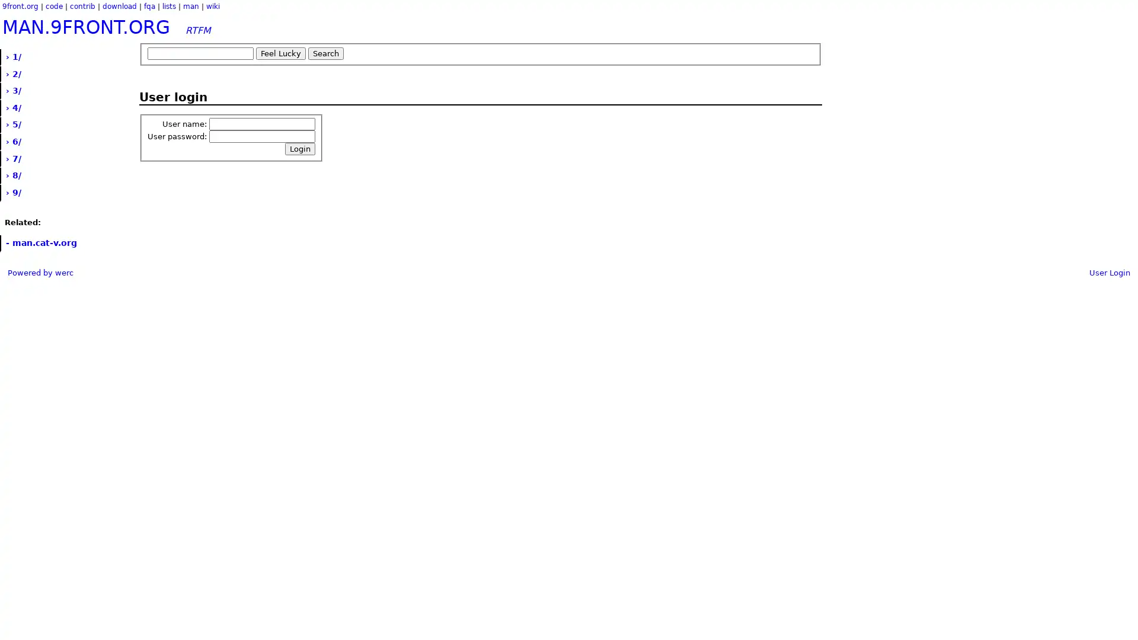 Image resolution: width=1138 pixels, height=640 pixels. What do you see at coordinates (300, 148) in the screenshot?
I see `Login` at bounding box center [300, 148].